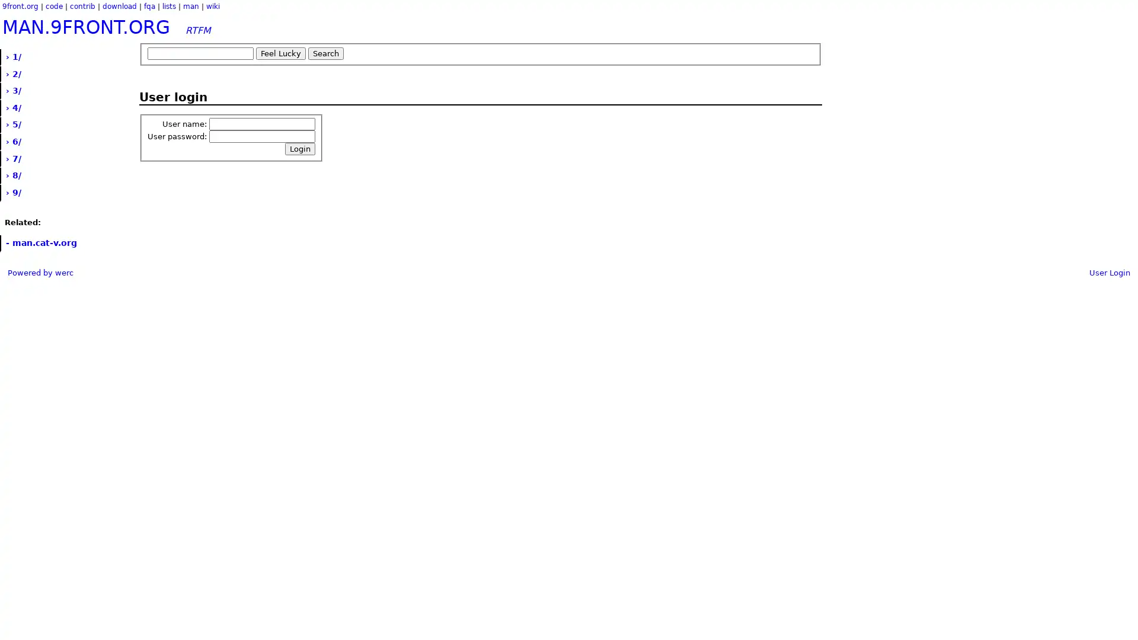 Image resolution: width=1138 pixels, height=640 pixels. What do you see at coordinates (300, 148) in the screenshot?
I see `Login` at bounding box center [300, 148].